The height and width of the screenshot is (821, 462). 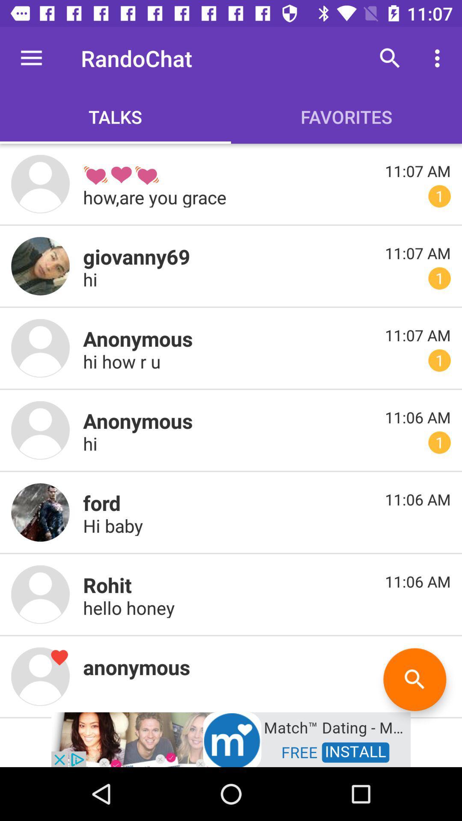 I want to click on advertisement, so click(x=231, y=738).